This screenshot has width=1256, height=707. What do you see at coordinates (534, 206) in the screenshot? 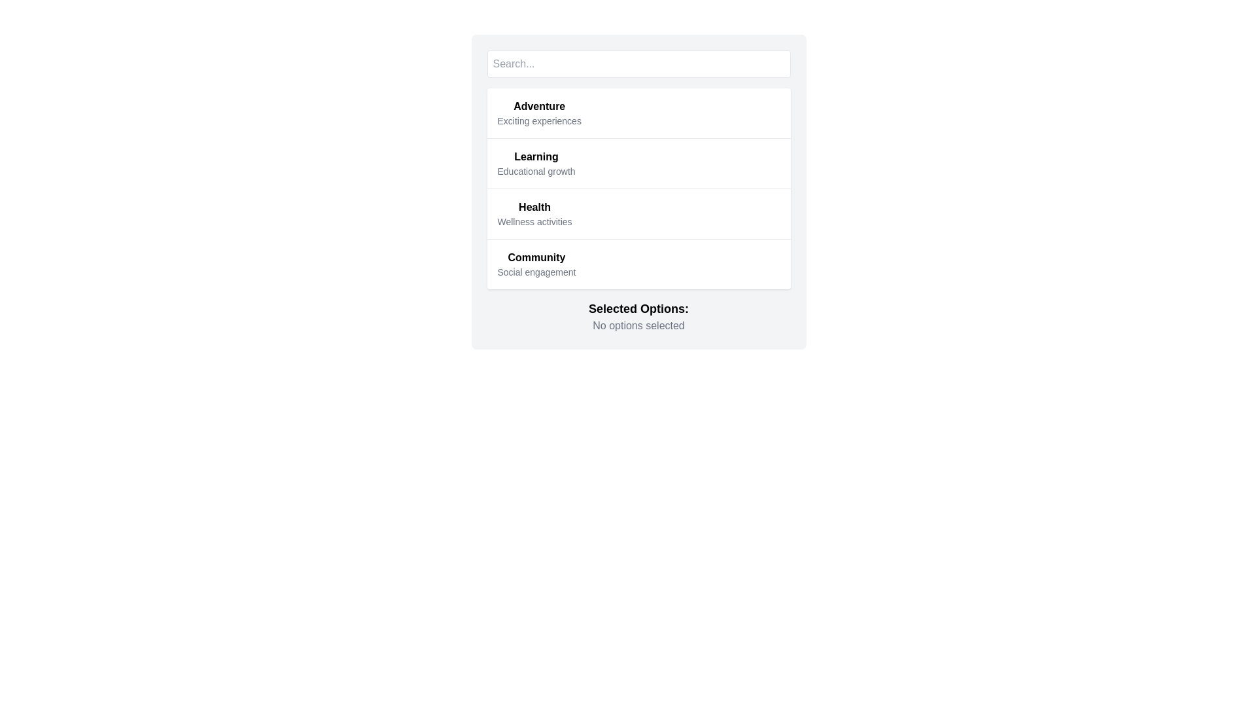
I see `the bold 'Health' label text element located in the third card of a vertical list within a light-colored interface` at bounding box center [534, 206].